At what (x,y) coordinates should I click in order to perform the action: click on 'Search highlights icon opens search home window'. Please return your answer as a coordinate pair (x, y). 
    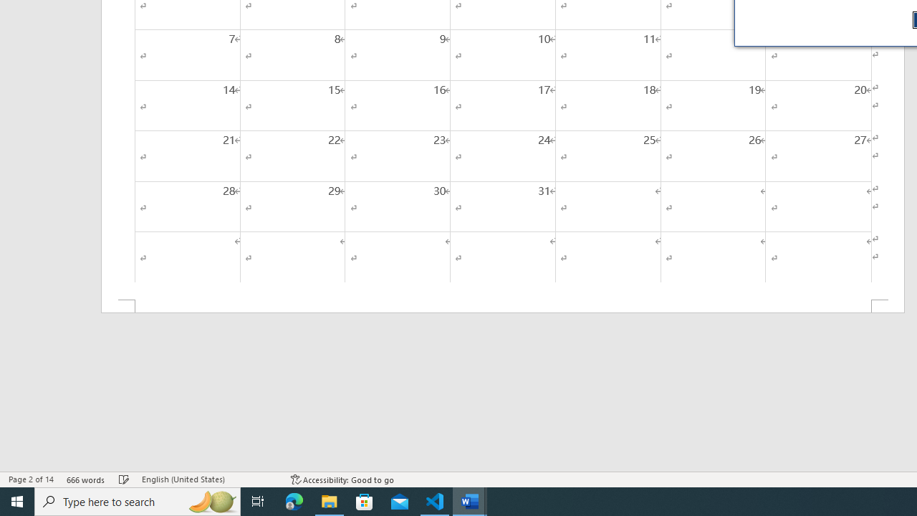
    Looking at the image, I should click on (211, 500).